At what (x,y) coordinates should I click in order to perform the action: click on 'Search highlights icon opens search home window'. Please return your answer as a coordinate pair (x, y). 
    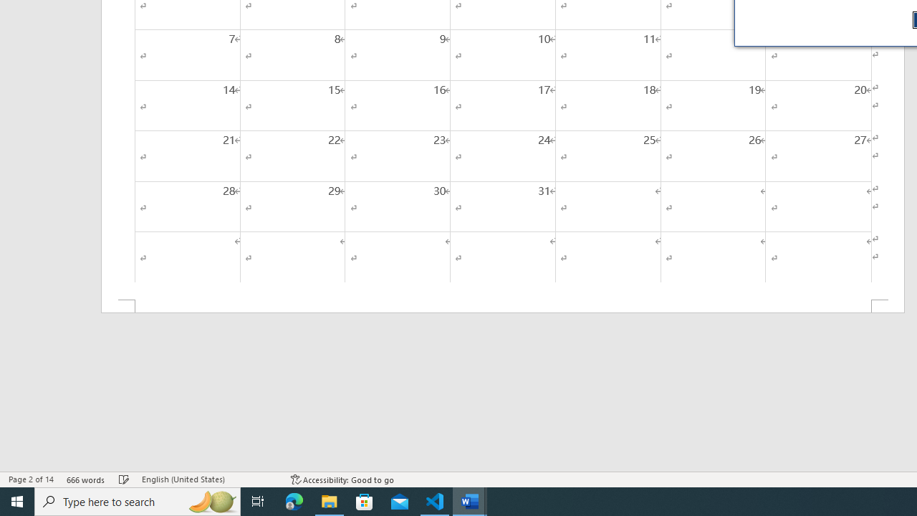
    Looking at the image, I should click on (211, 500).